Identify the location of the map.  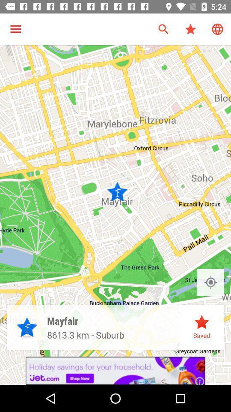
(210, 282).